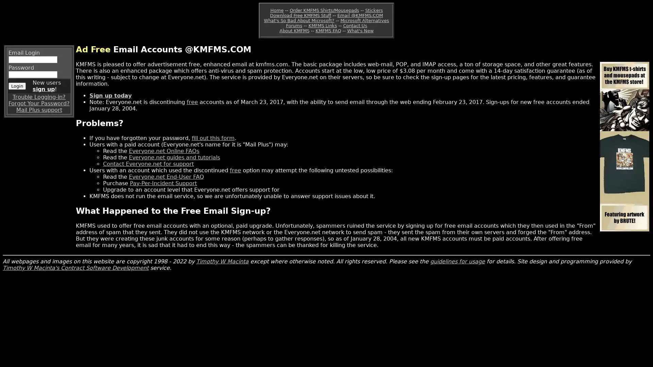 The width and height of the screenshot is (653, 367). What do you see at coordinates (17, 85) in the screenshot?
I see `Login` at bounding box center [17, 85].